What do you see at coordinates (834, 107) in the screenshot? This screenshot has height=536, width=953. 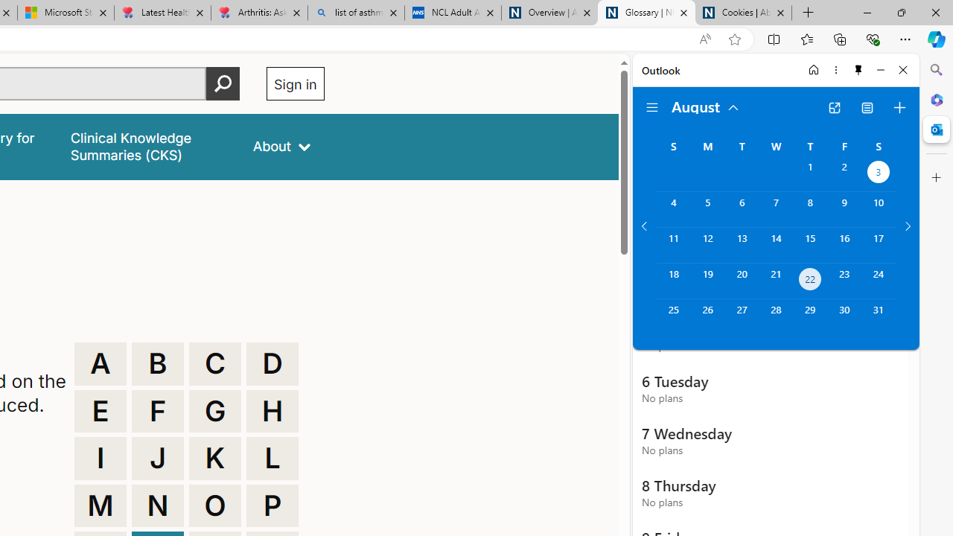 I see `'Open in new tab'` at bounding box center [834, 107].